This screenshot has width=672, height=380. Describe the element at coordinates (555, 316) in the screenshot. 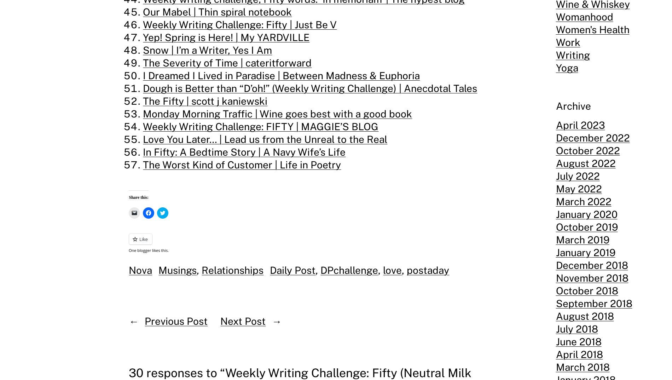

I see `'August 2018'` at that location.